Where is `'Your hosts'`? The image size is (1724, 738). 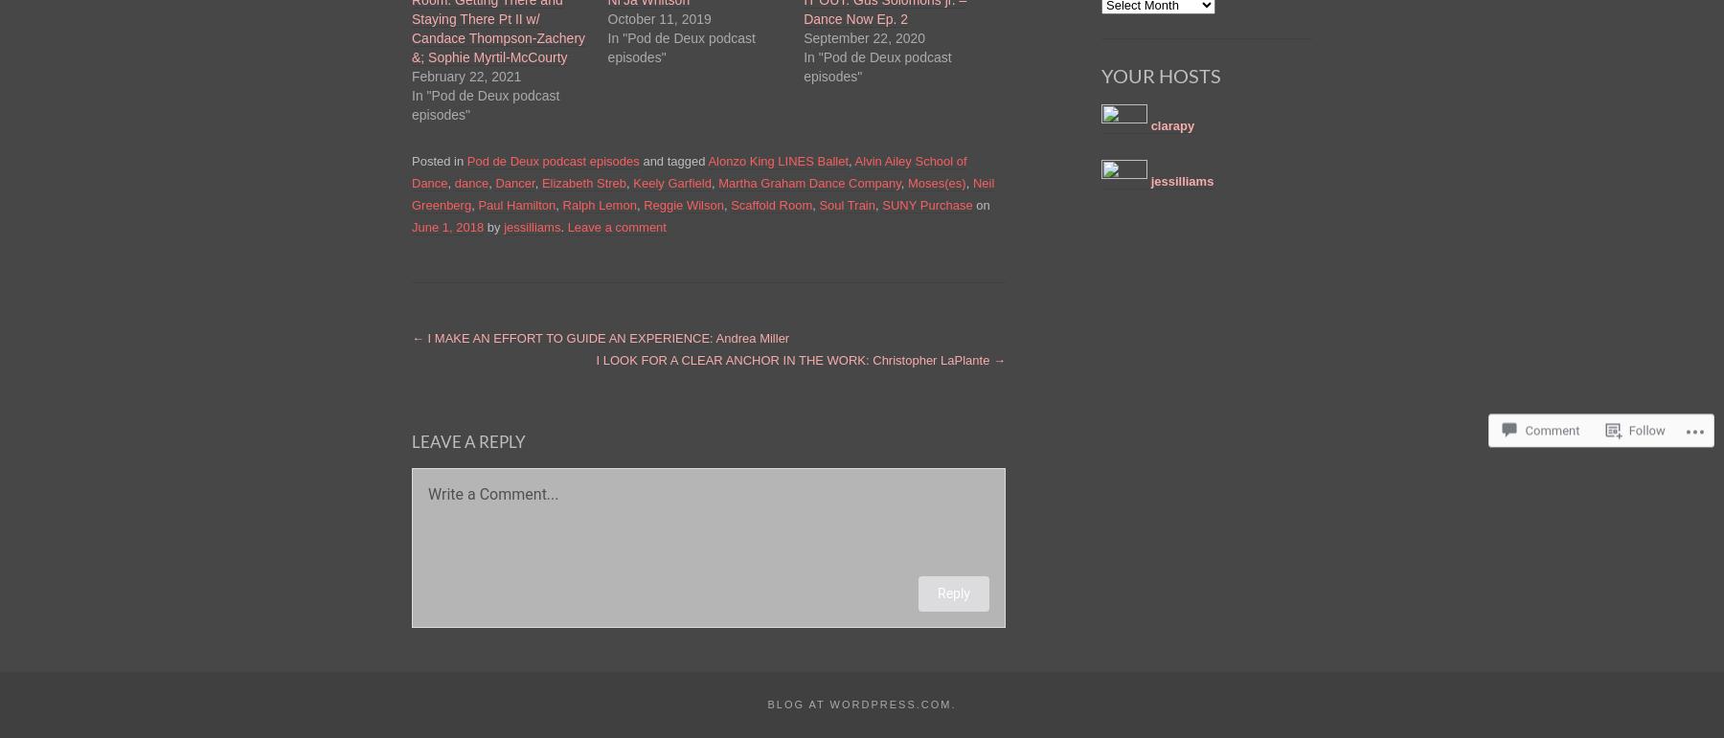
'Your hosts' is located at coordinates (1160, 75).